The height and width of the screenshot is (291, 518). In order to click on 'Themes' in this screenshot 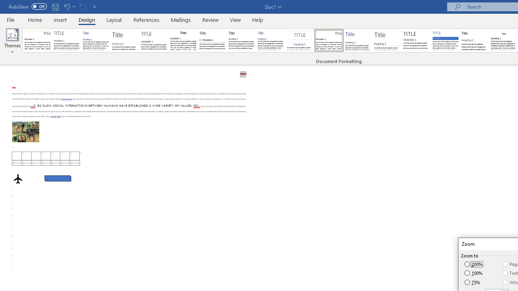, I will do `click(12, 42)`.